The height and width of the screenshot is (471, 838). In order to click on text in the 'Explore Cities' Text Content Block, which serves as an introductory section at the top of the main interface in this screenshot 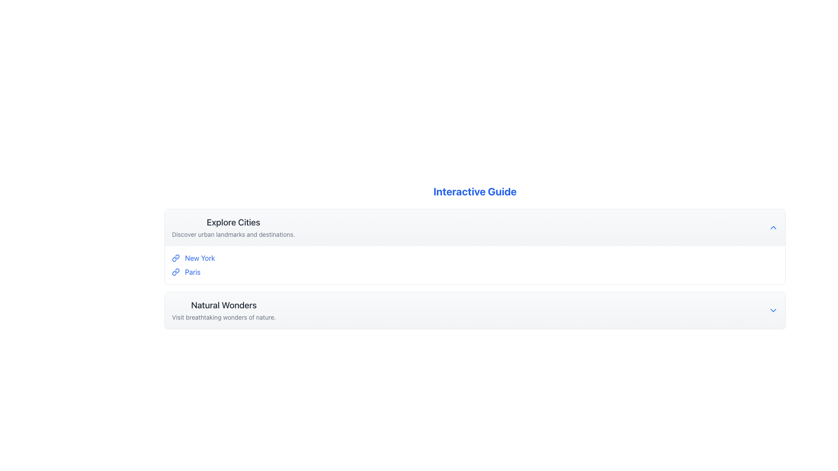, I will do `click(234, 227)`.